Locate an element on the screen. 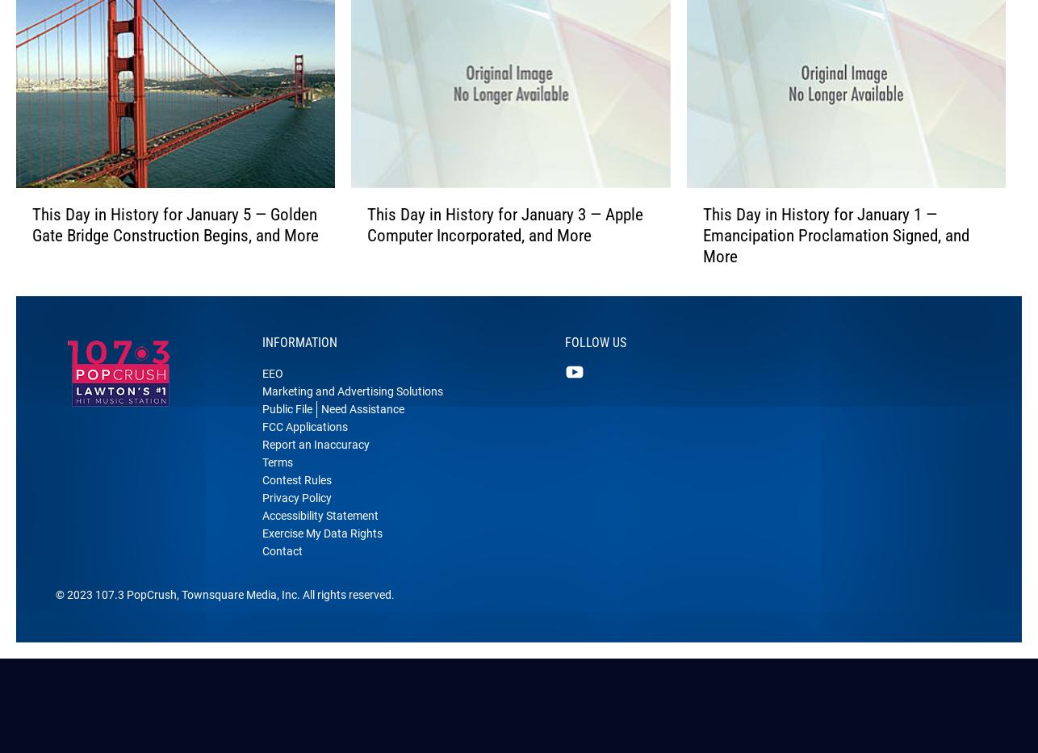 The height and width of the screenshot is (753, 1038). 'Exercise My Data Rights' is located at coordinates (261, 558).